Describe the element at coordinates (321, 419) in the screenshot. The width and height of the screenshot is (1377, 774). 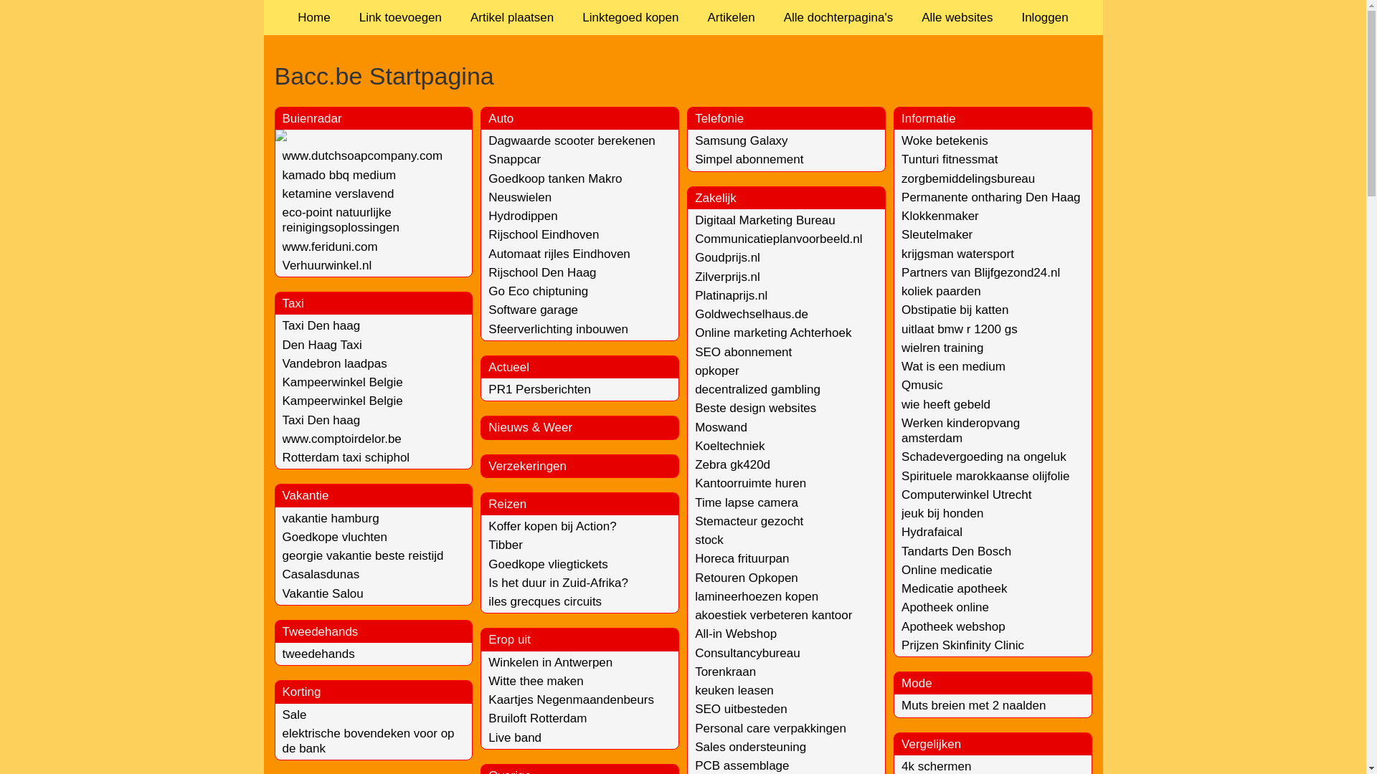
I see `'Taxi Den haag'` at that location.